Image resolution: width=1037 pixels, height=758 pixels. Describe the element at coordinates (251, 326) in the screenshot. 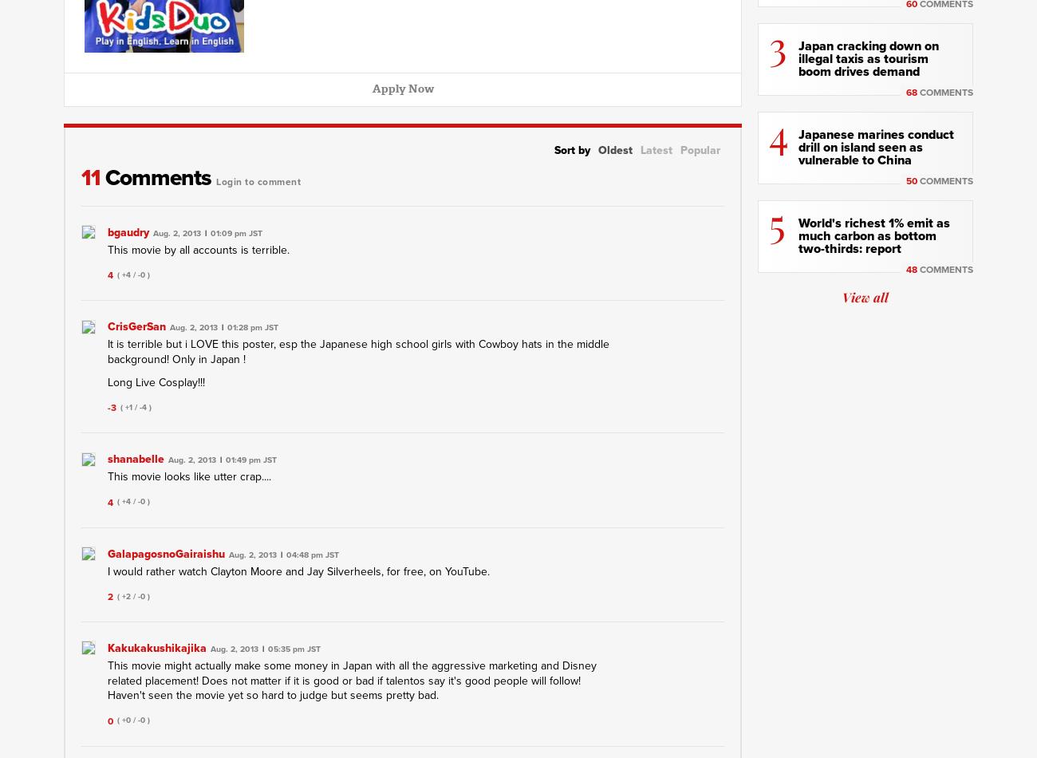

I see `'01:28 pm JST'` at that location.